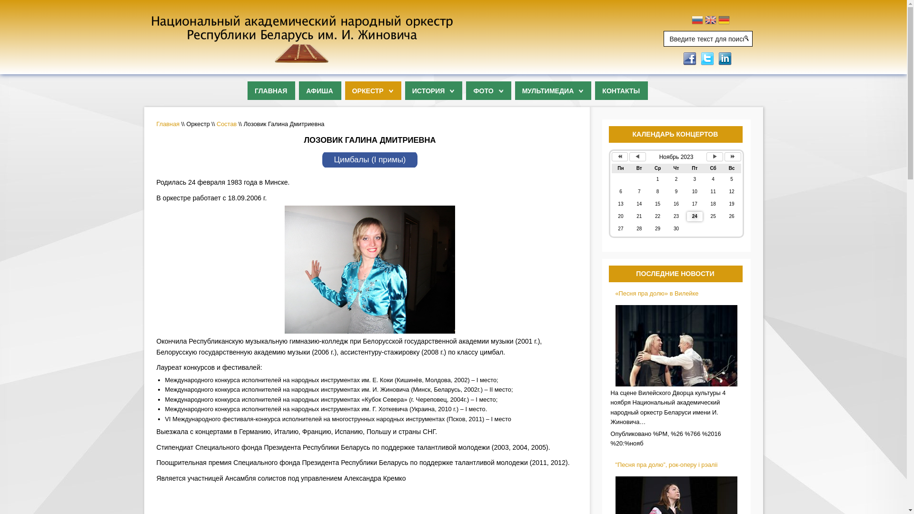 The height and width of the screenshot is (514, 914). Describe the element at coordinates (717, 58) in the screenshot. I see `'Submit to LinkedIn'` at that location.